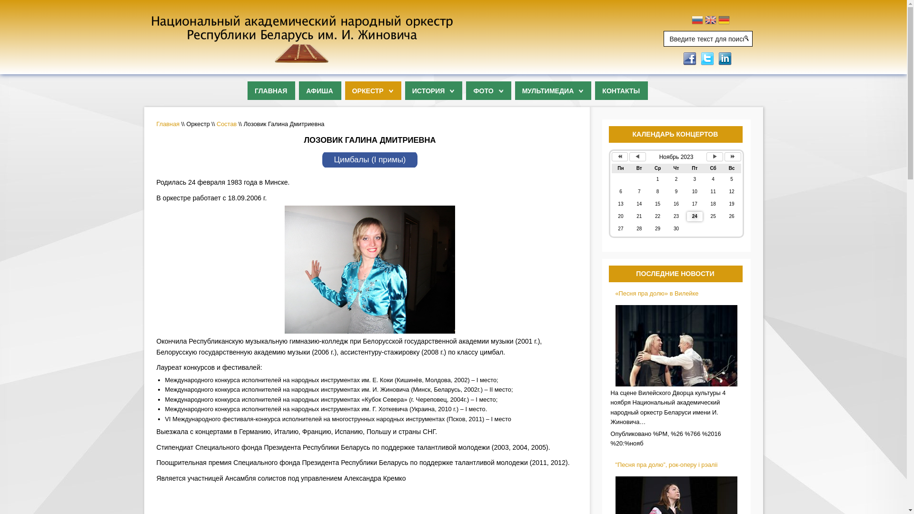 The height and width of the screenshot is (514, 914). Describe the element at coordinates (717, 58) in the screenshot. I see `'Submit to LinkedIn'` at that location.